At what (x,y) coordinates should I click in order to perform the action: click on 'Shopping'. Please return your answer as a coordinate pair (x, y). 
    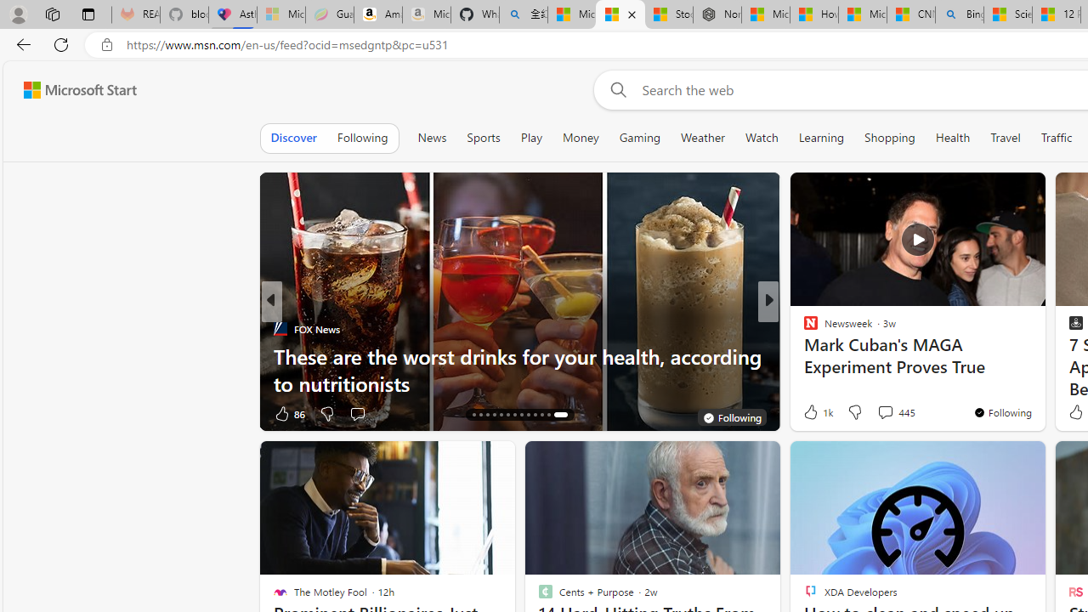
    Looking at the image, I should click on (889, 137).